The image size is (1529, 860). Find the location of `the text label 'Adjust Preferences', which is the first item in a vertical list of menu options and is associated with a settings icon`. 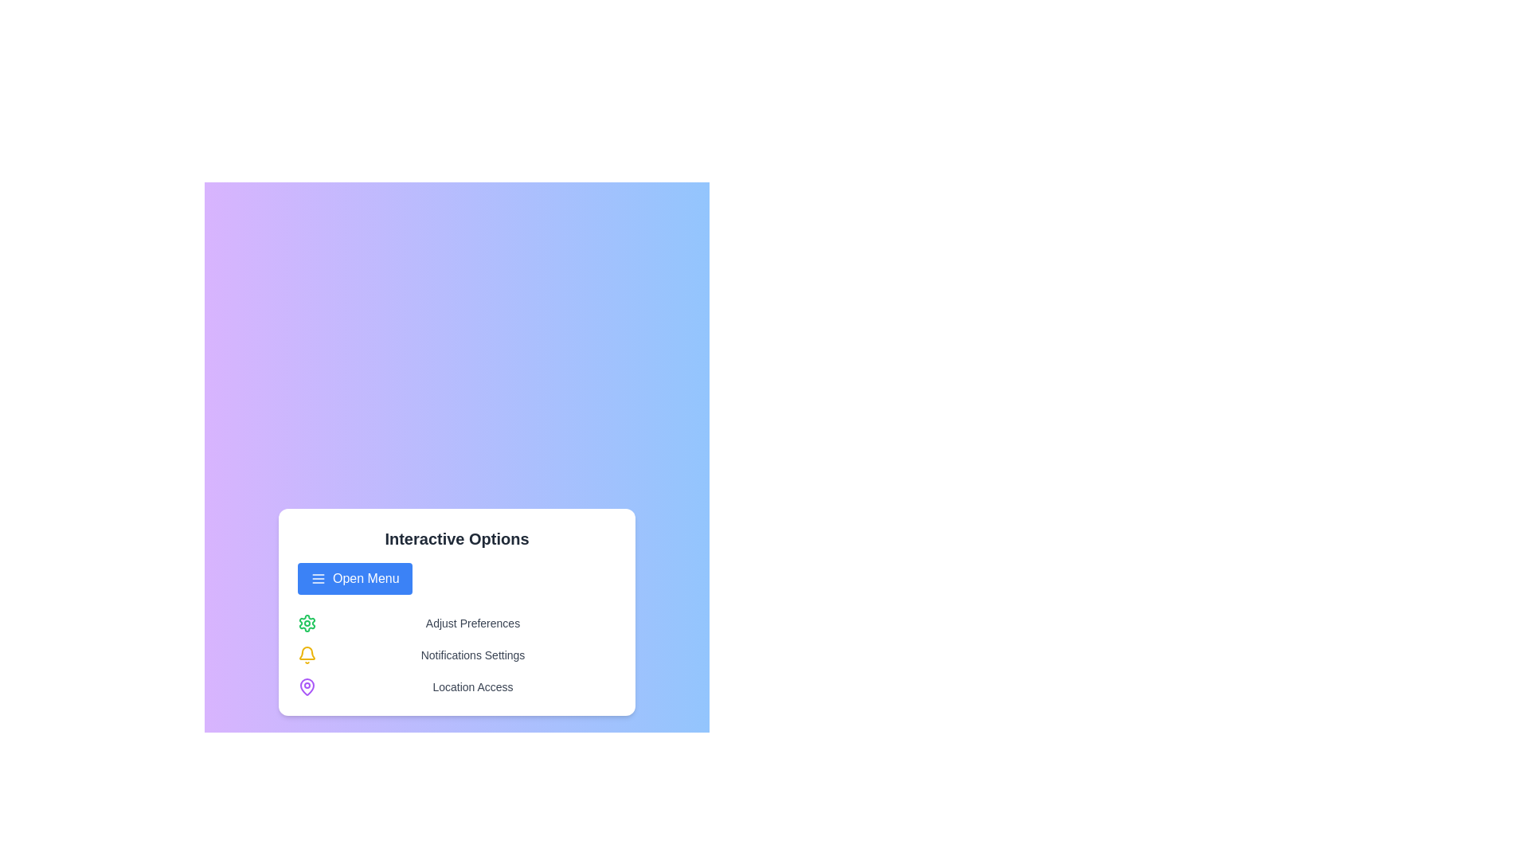

the text label 'Adjust Preferences', which is the first item in a vertical list of menu options and is associated with a settings icon is located at coordinates (472, 623).